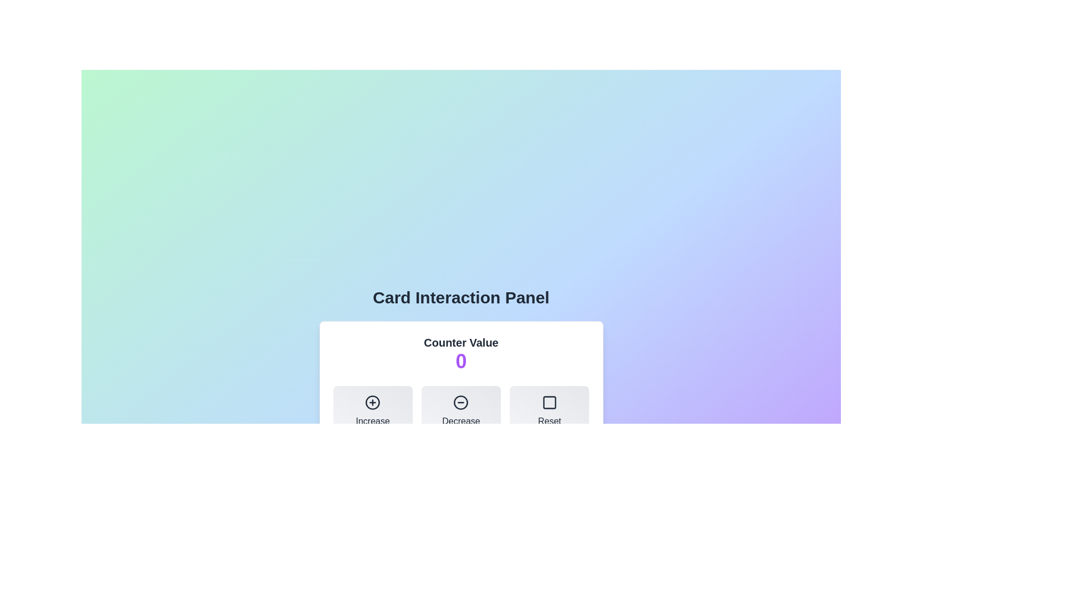 Image resolution: width=1065 pixels, height=599 pixels. What do you see at coordinates (461, 342) in the screenshot?
I see `the Text Label that provides context for the numeric value displayed below it, which is centrally located above the numerical display` at bounding box center [461, 342].